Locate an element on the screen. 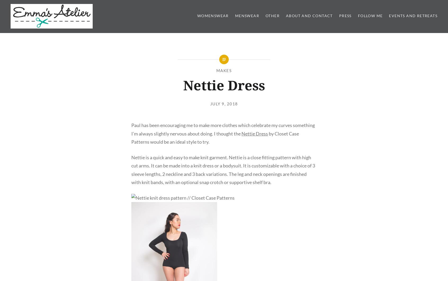 The image size is (448, 281). 'by Closet Case Patterns would be an ideal style to try.' is located at coordinates (131, 138).